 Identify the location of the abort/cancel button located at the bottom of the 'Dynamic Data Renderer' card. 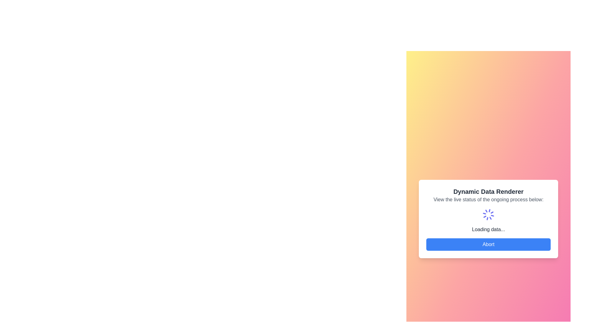
(488, 244).